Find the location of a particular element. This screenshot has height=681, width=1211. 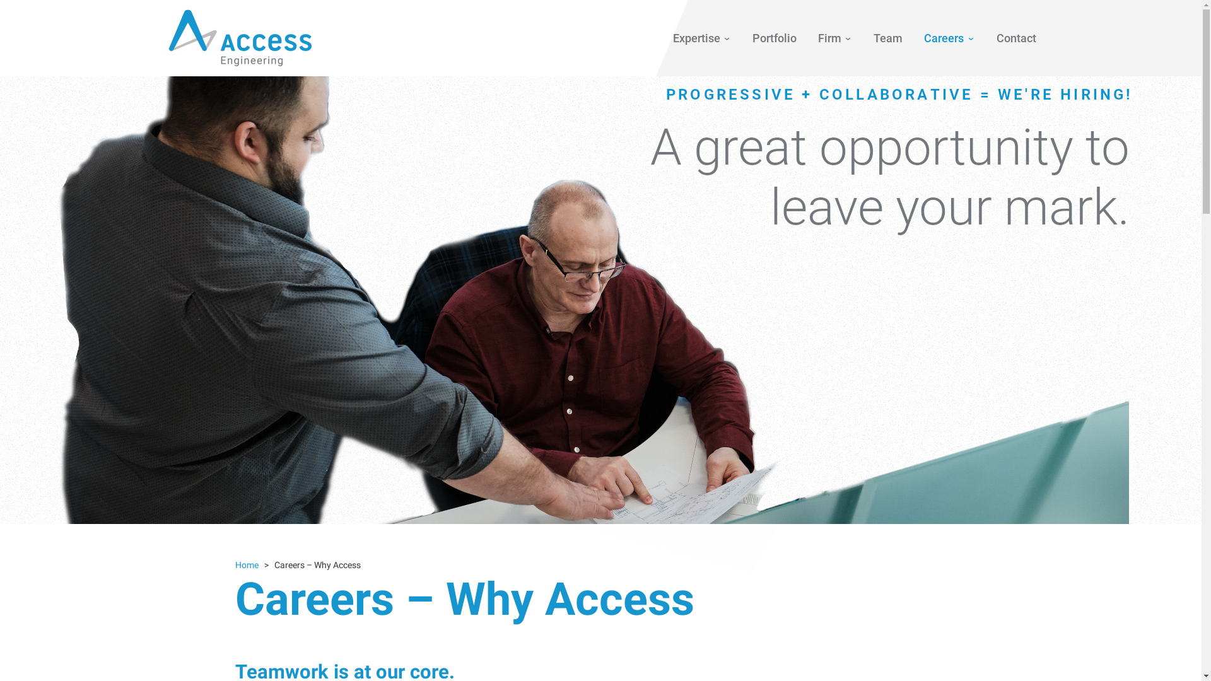

'Portfolio' is located at coordinates (774, 37).